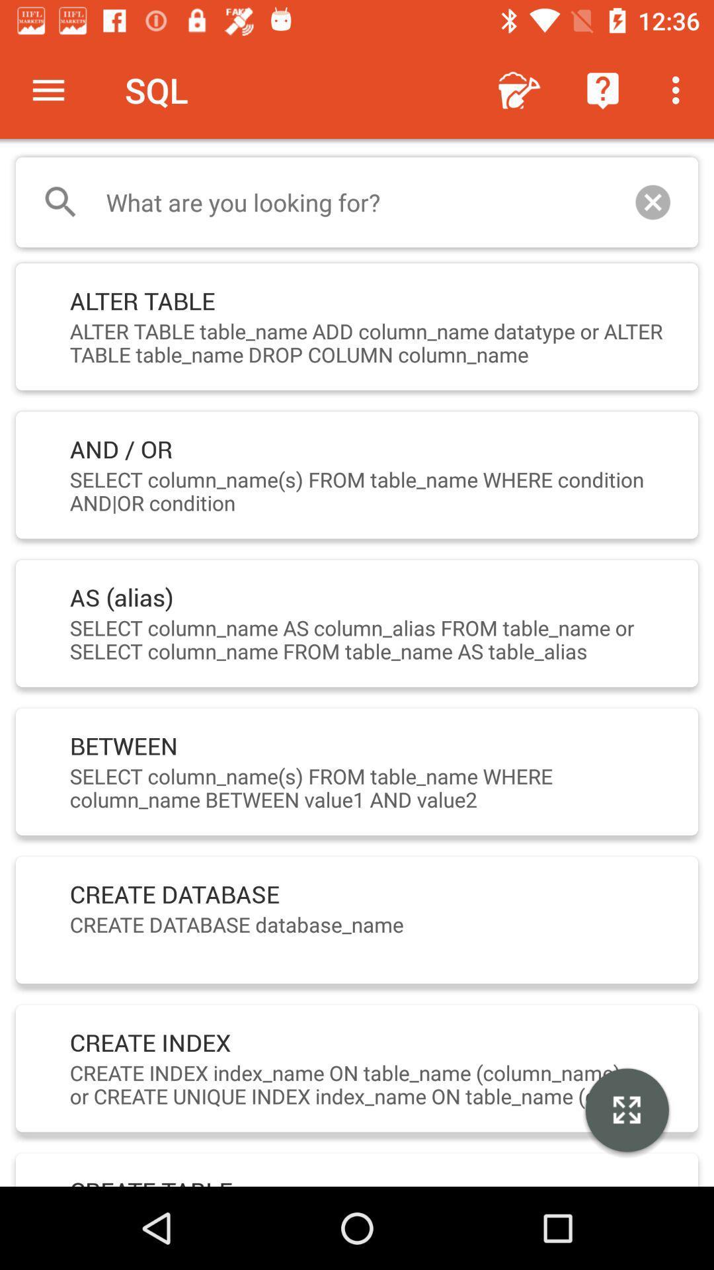 This screenshot has width=714, height=1270. What do you see at coordinates (519, 89) in the screenshot?
I see `the icon to the right of sql` at bounding box center [519, 89].